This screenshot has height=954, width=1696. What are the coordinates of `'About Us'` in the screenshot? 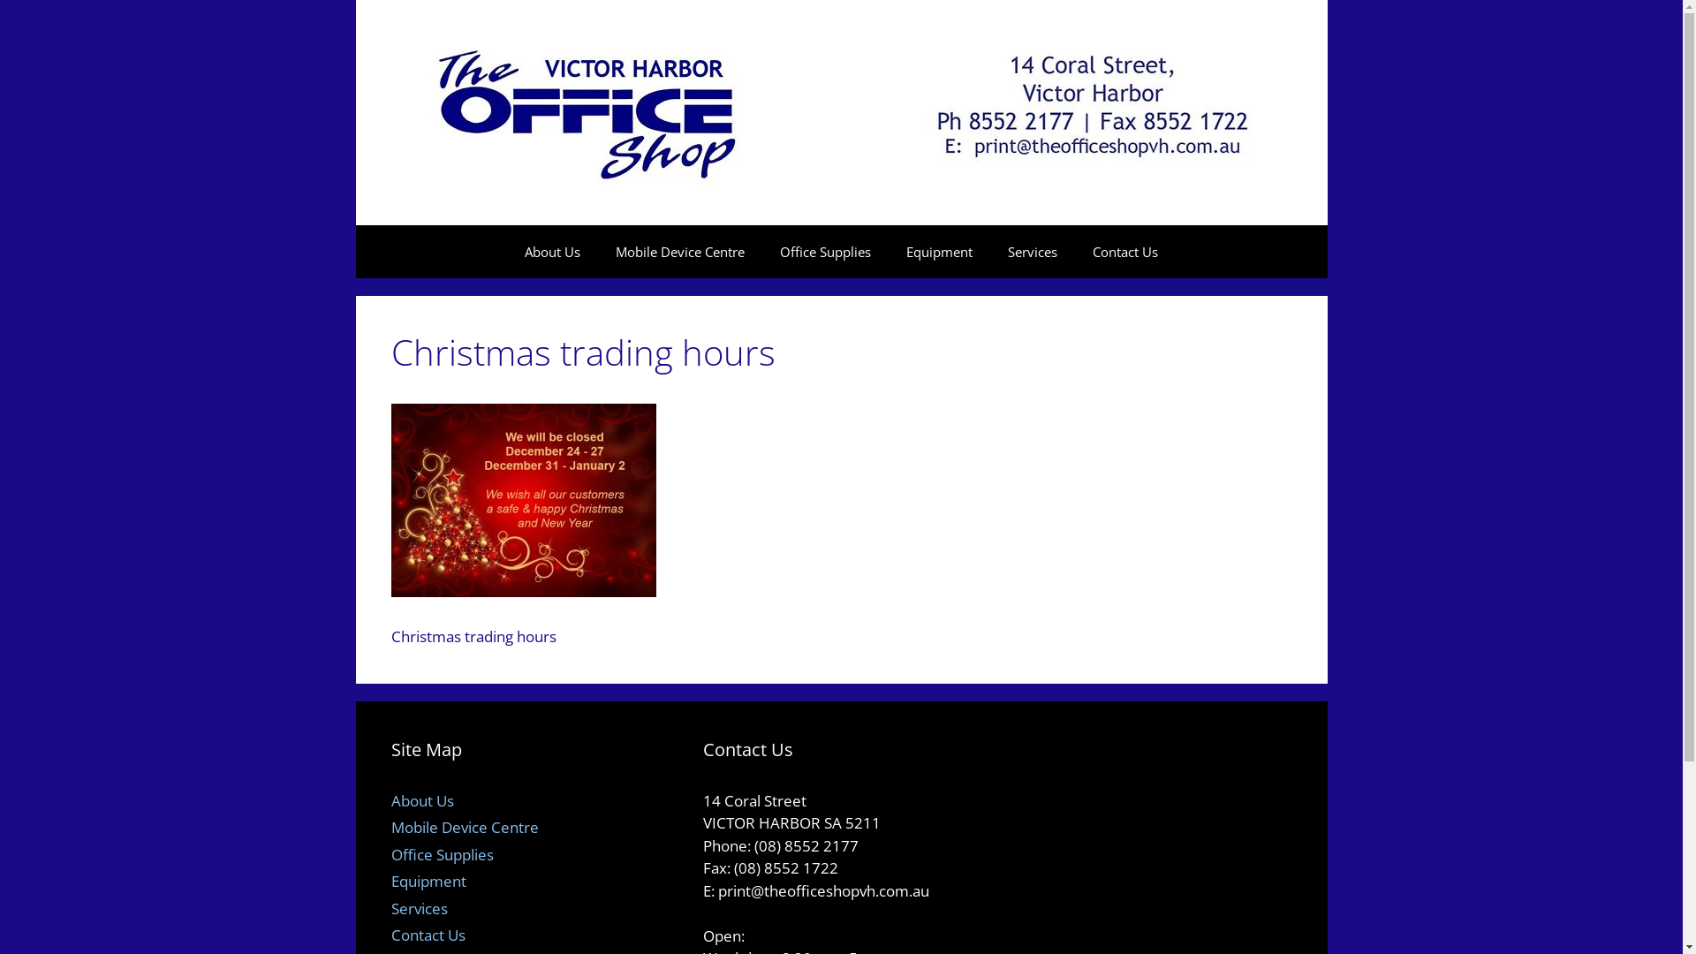 It's located at (551, 252).